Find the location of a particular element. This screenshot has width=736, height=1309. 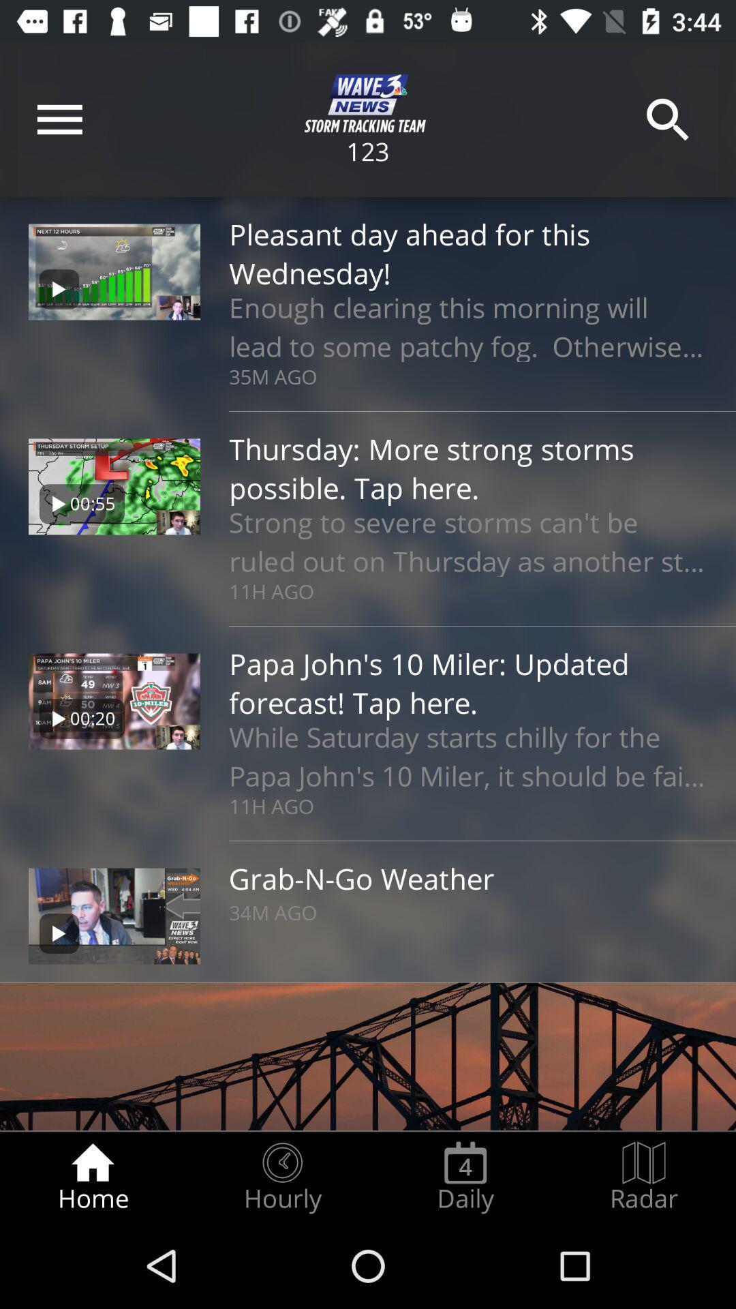

the radio button to the right of home icon is located at coordinates (281, 1177).